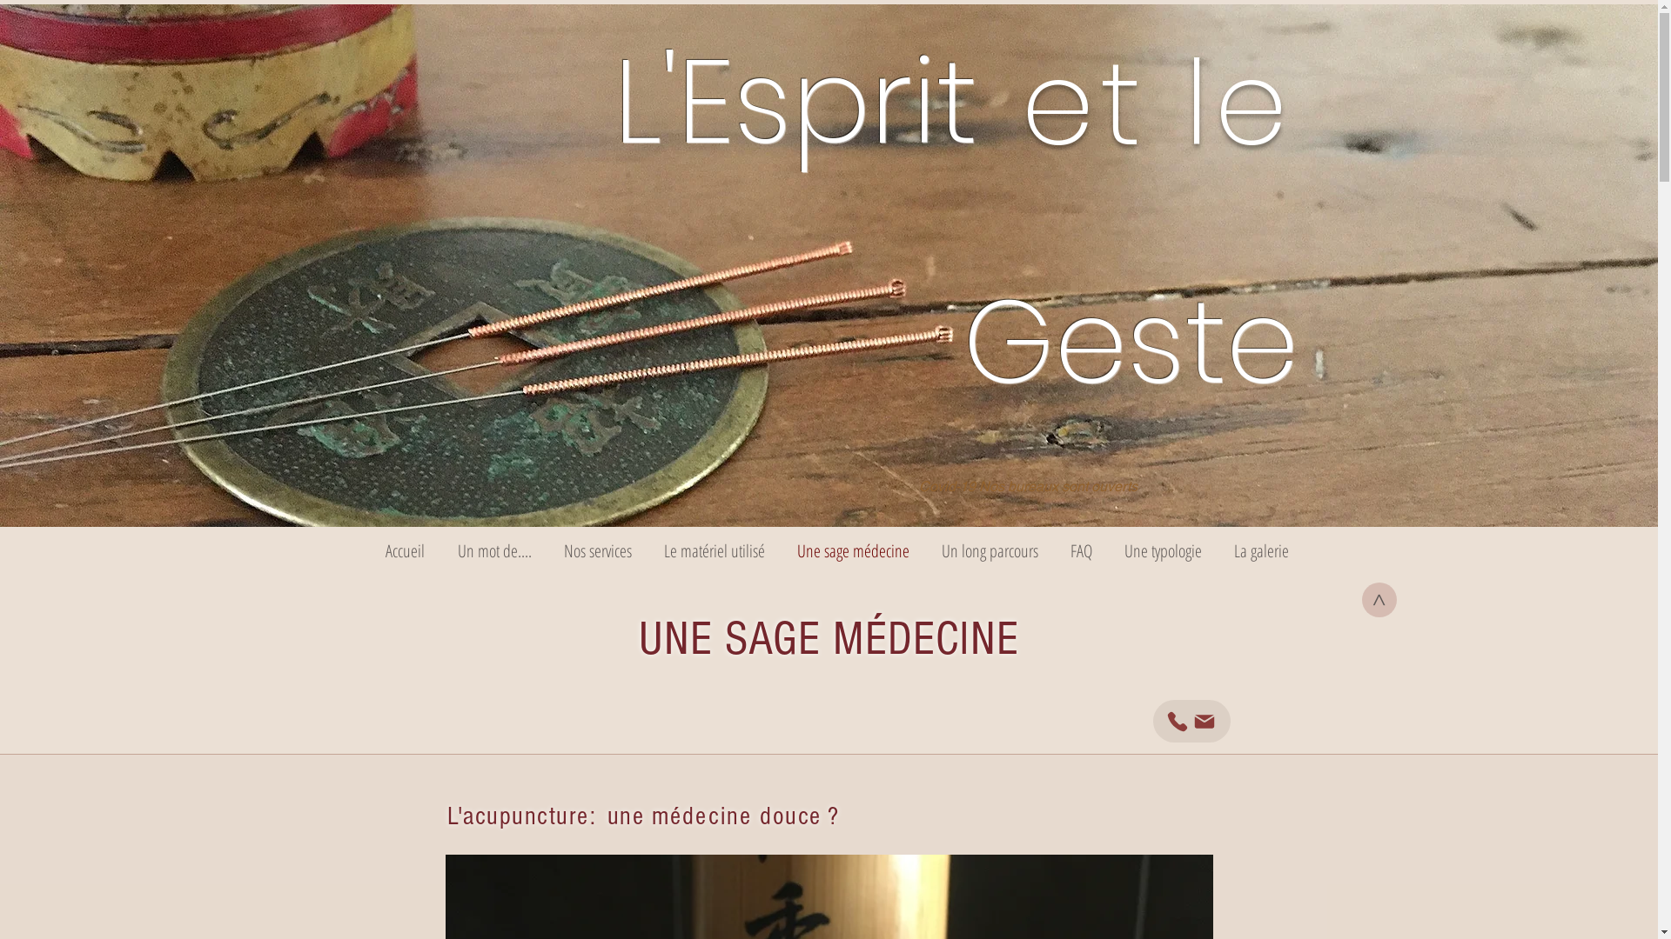 The width and height of the screenshot is (1671, 939). Describe the element at coordinates (1053, 550) in the screenshot. I see `'FAQ'` at that location.